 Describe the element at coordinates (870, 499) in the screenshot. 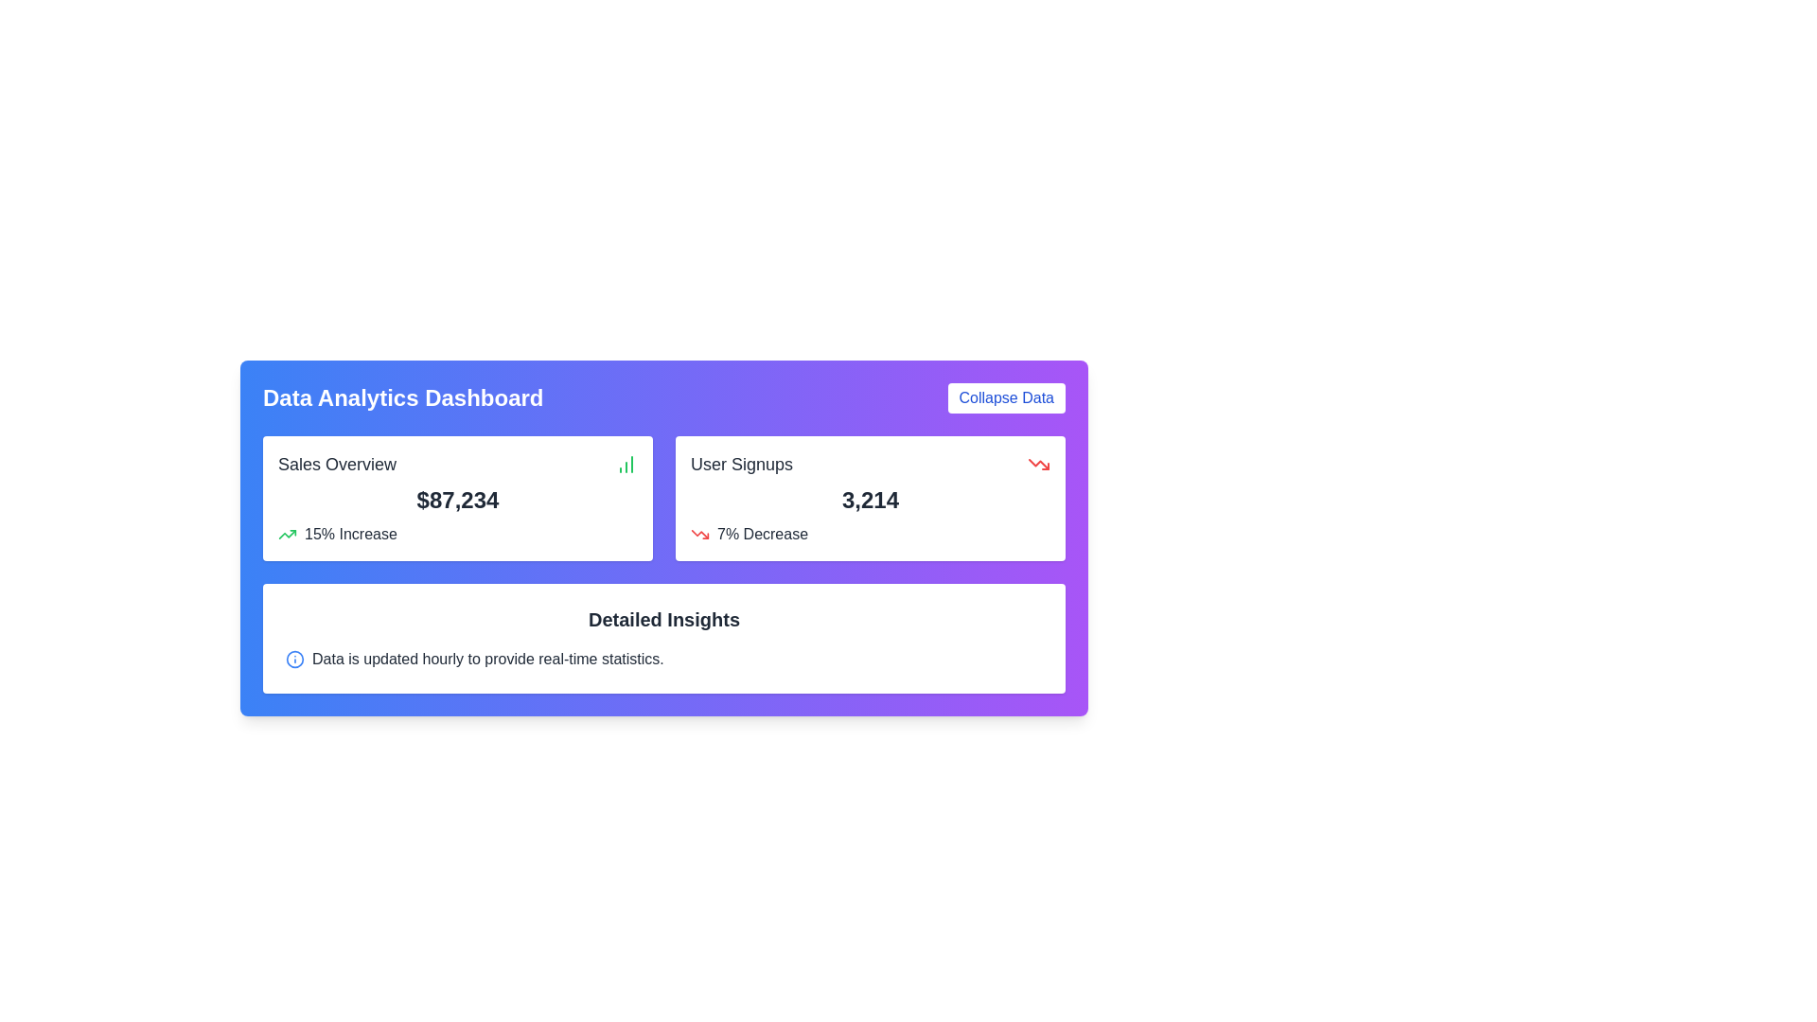

I see `the Static Text that displays the total number of user signups, located centrally within the 'User Signups' panel, below the title and above the '7% Decrease' label with a red downward trend icon` at that location.